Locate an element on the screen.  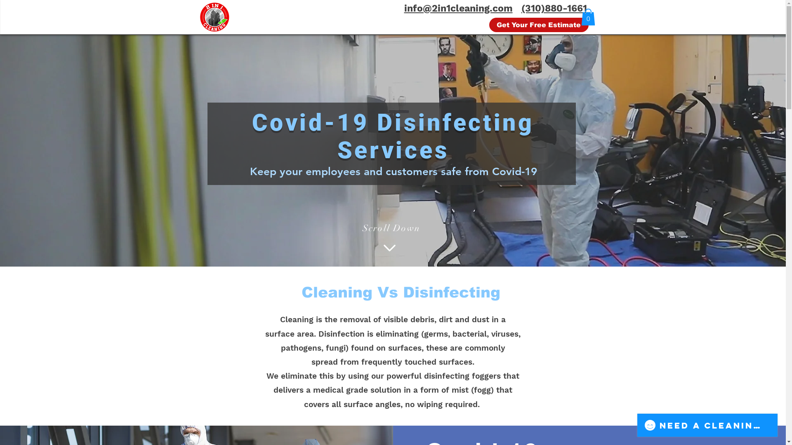
'Get Your Free Estimate' is located at coordinates (539, 24).